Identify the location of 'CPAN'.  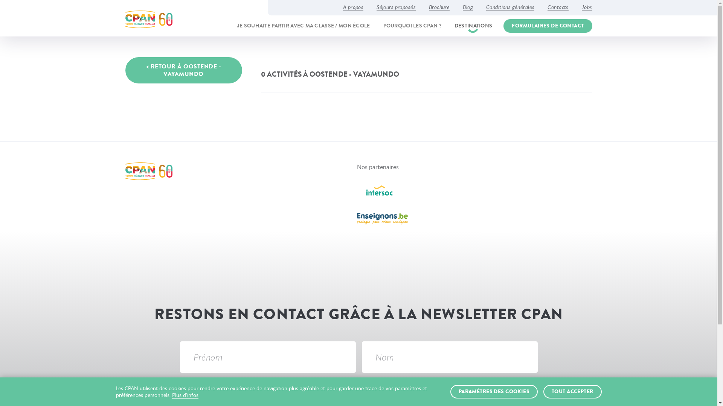
(148, 19).